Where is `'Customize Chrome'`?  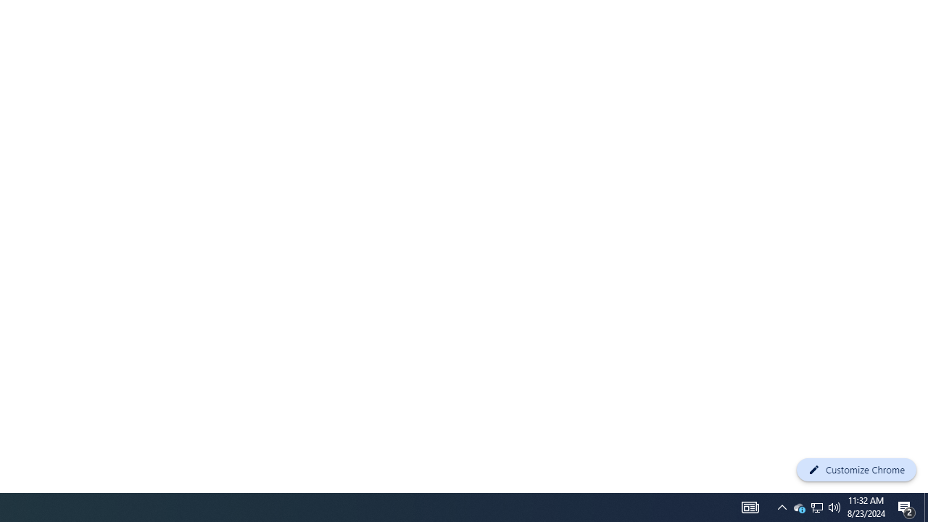 'Customize Chrome' is located at coordinates (856, 470).